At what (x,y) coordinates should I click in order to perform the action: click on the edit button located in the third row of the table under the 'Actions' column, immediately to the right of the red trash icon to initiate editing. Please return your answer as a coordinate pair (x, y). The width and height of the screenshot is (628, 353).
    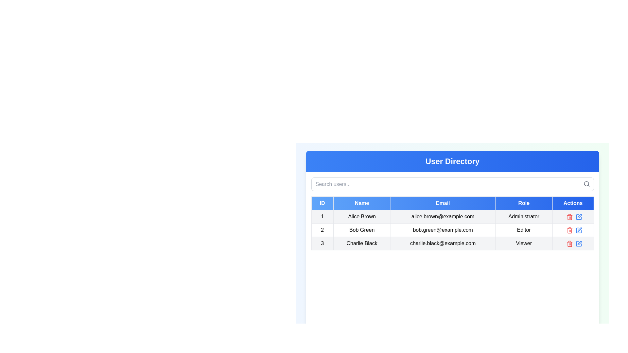
    Looking at the image, I should click on (579, 243).